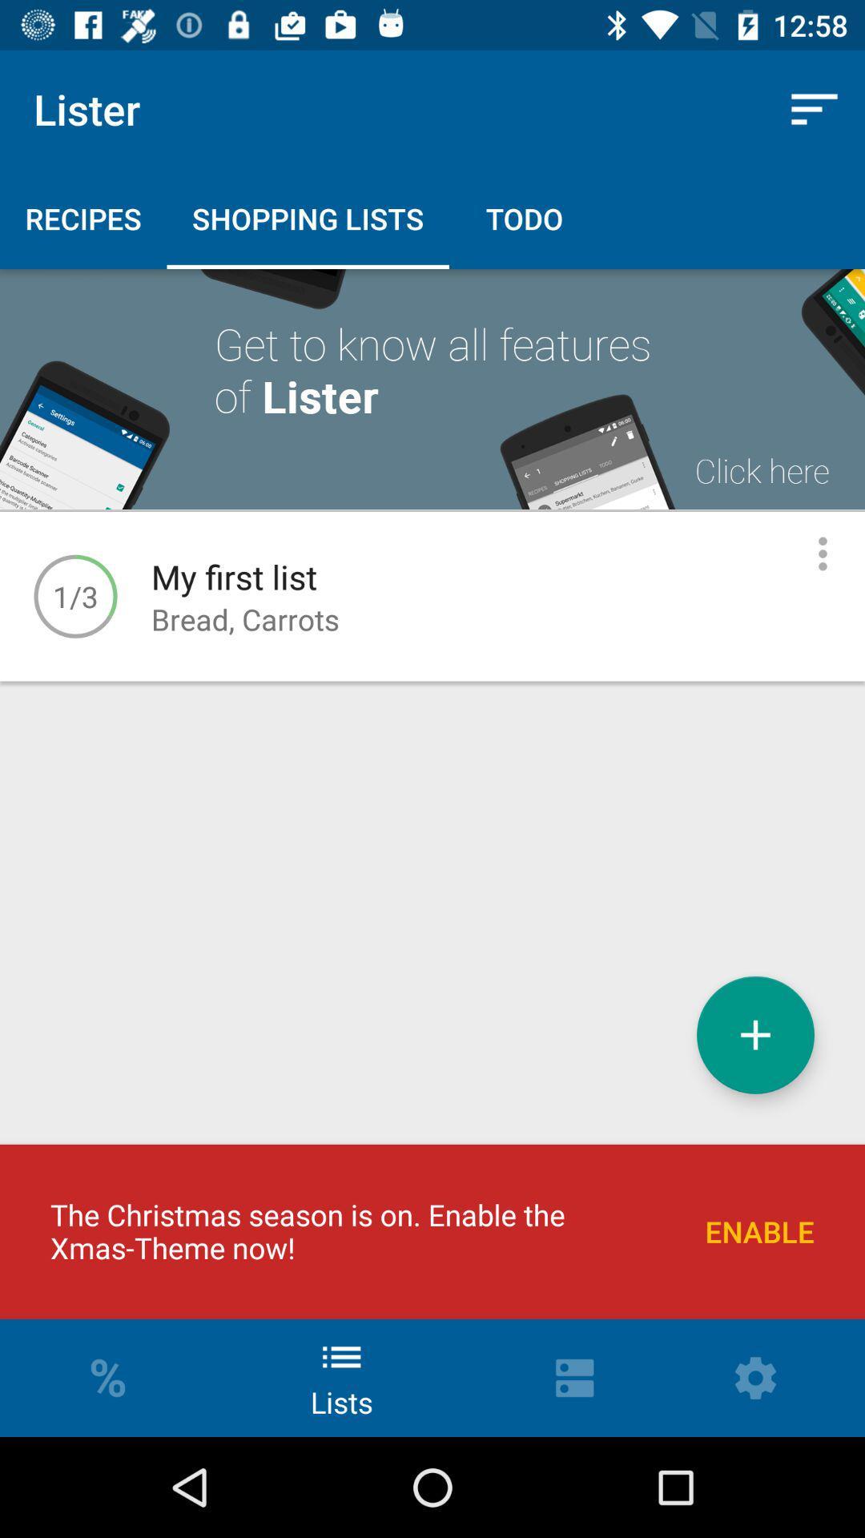  I want to click on new list, so click(755, 1035).